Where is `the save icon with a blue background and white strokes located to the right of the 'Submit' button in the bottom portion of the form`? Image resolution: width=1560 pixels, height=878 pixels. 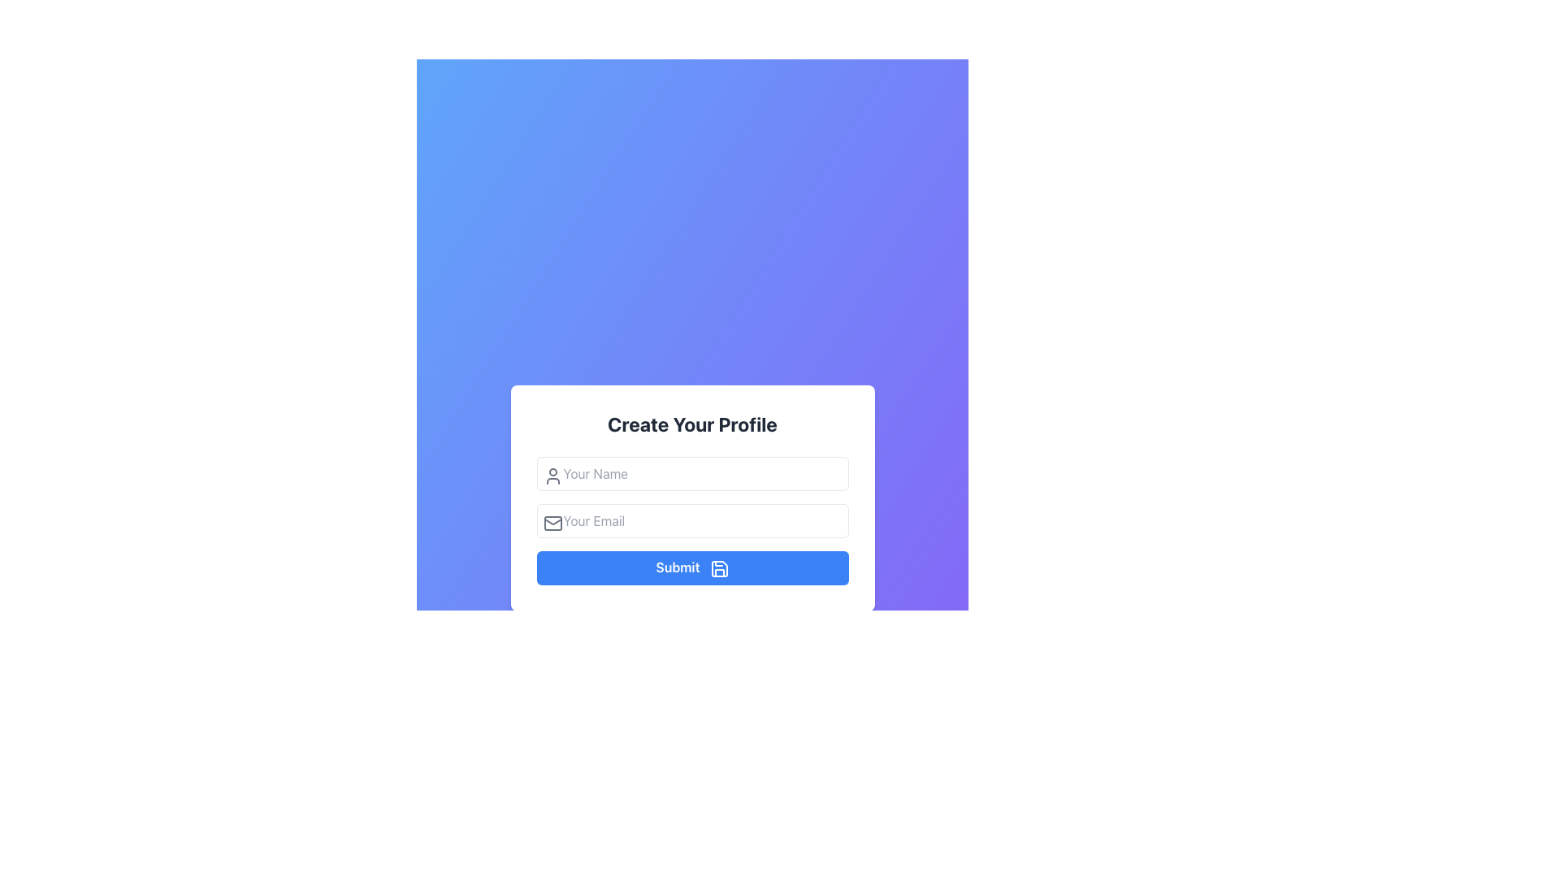 the save icon with a blue background and white strokes located to the right of the 'Submit' button in the bottom portion of the form is located at coordinates (718, 567).